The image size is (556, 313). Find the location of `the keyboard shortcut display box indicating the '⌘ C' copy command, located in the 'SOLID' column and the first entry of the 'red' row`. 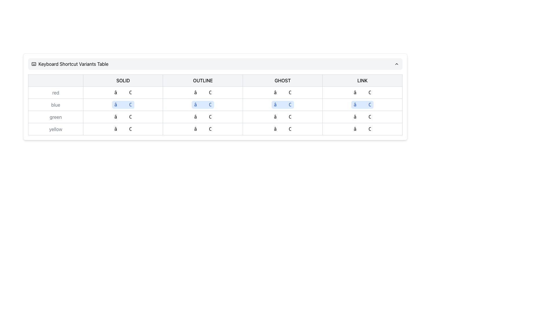

the keyboard shortcut display box indicating the '⌘ C' copy command, located in the 'SOLID' column and the first entry of the 'red' row is located at coordinates (123, 92).